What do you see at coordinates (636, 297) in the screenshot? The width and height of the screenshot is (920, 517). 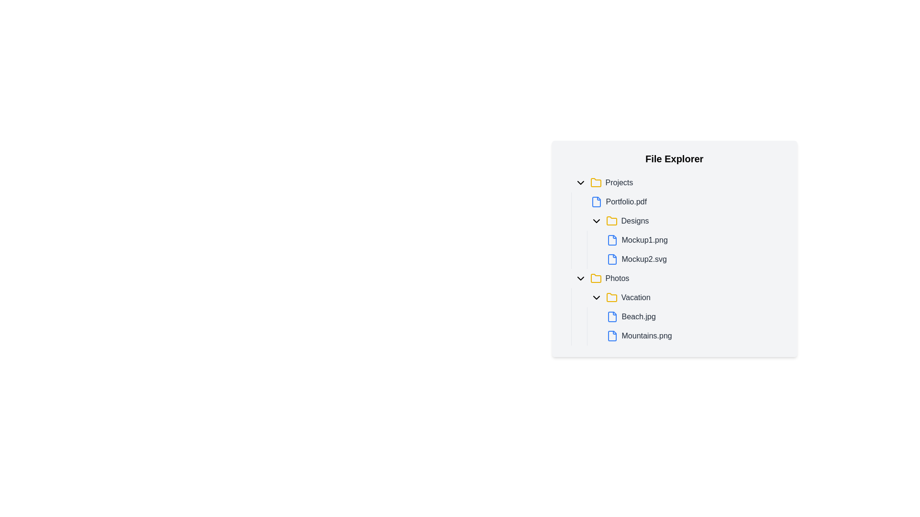 I see `the text label for the 'Vacation' folder, which provides information about its content and is located within the file explorer's hierarchy` at bounding box center [636, 297].